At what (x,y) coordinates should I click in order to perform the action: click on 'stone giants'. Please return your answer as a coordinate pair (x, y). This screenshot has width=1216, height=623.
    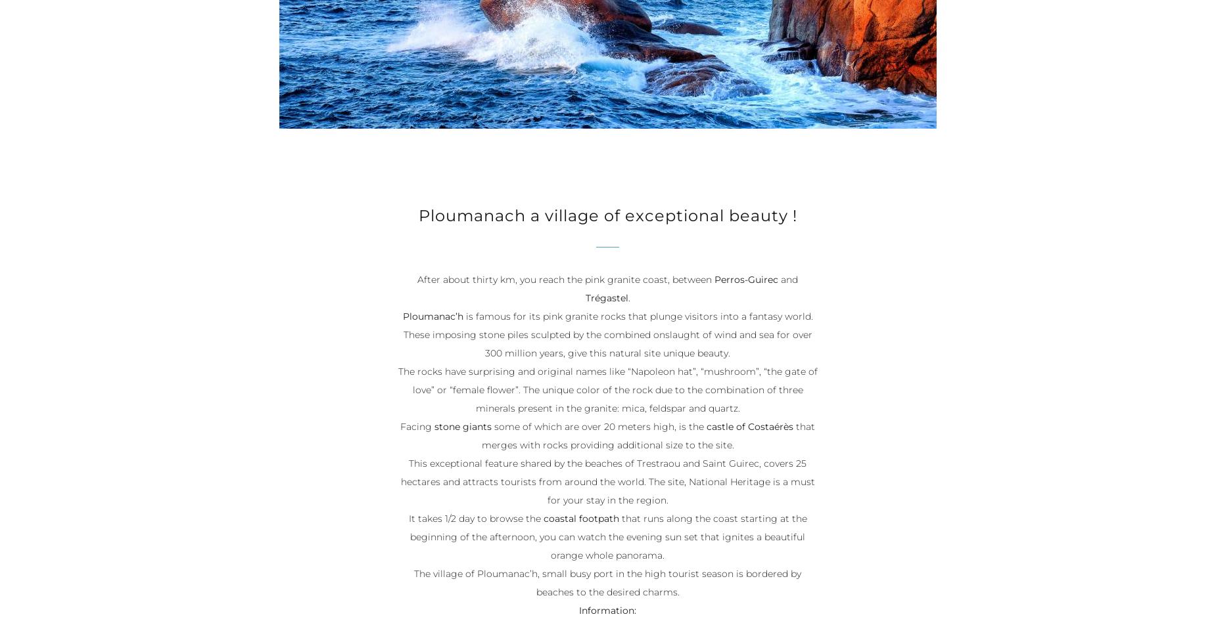
    Looking at the image, I should click on (463, 427).